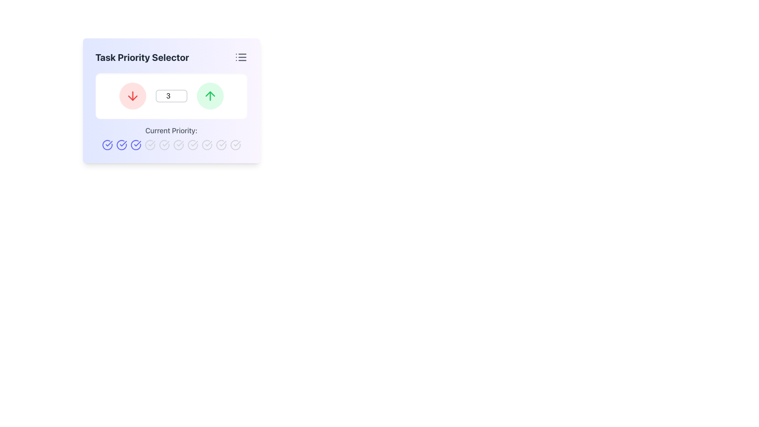  I want to click on the checkmark icon within the circular icon that indicates a specific priority state, located in the fourth position from the left in the bottom row of icons under the 'Current Priority' section, so click(208, 144).